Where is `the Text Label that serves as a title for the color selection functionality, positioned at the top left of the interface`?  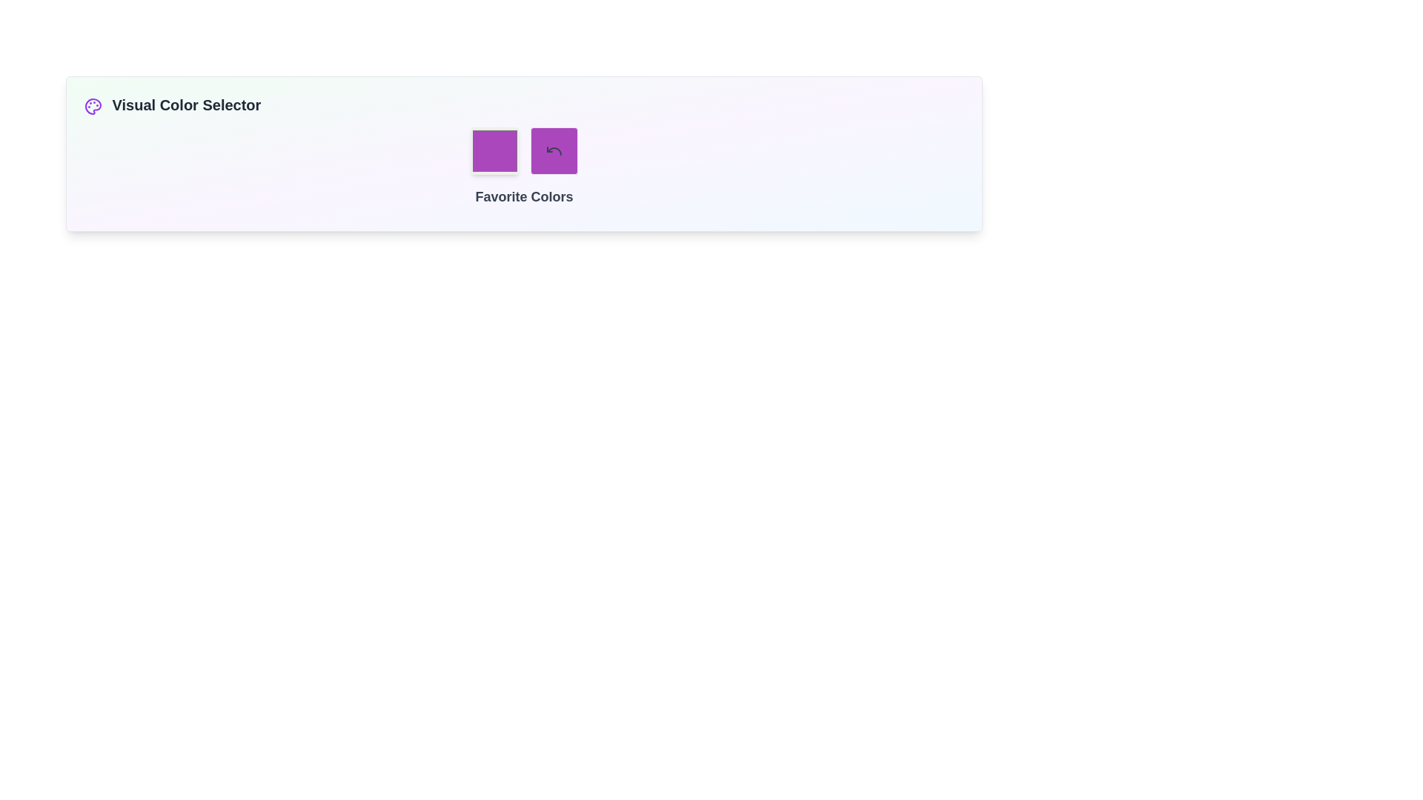
the Text Label that serves as a title for the color selection functionality, positioned at the top left of the interface is located at coordinates (173, 104).